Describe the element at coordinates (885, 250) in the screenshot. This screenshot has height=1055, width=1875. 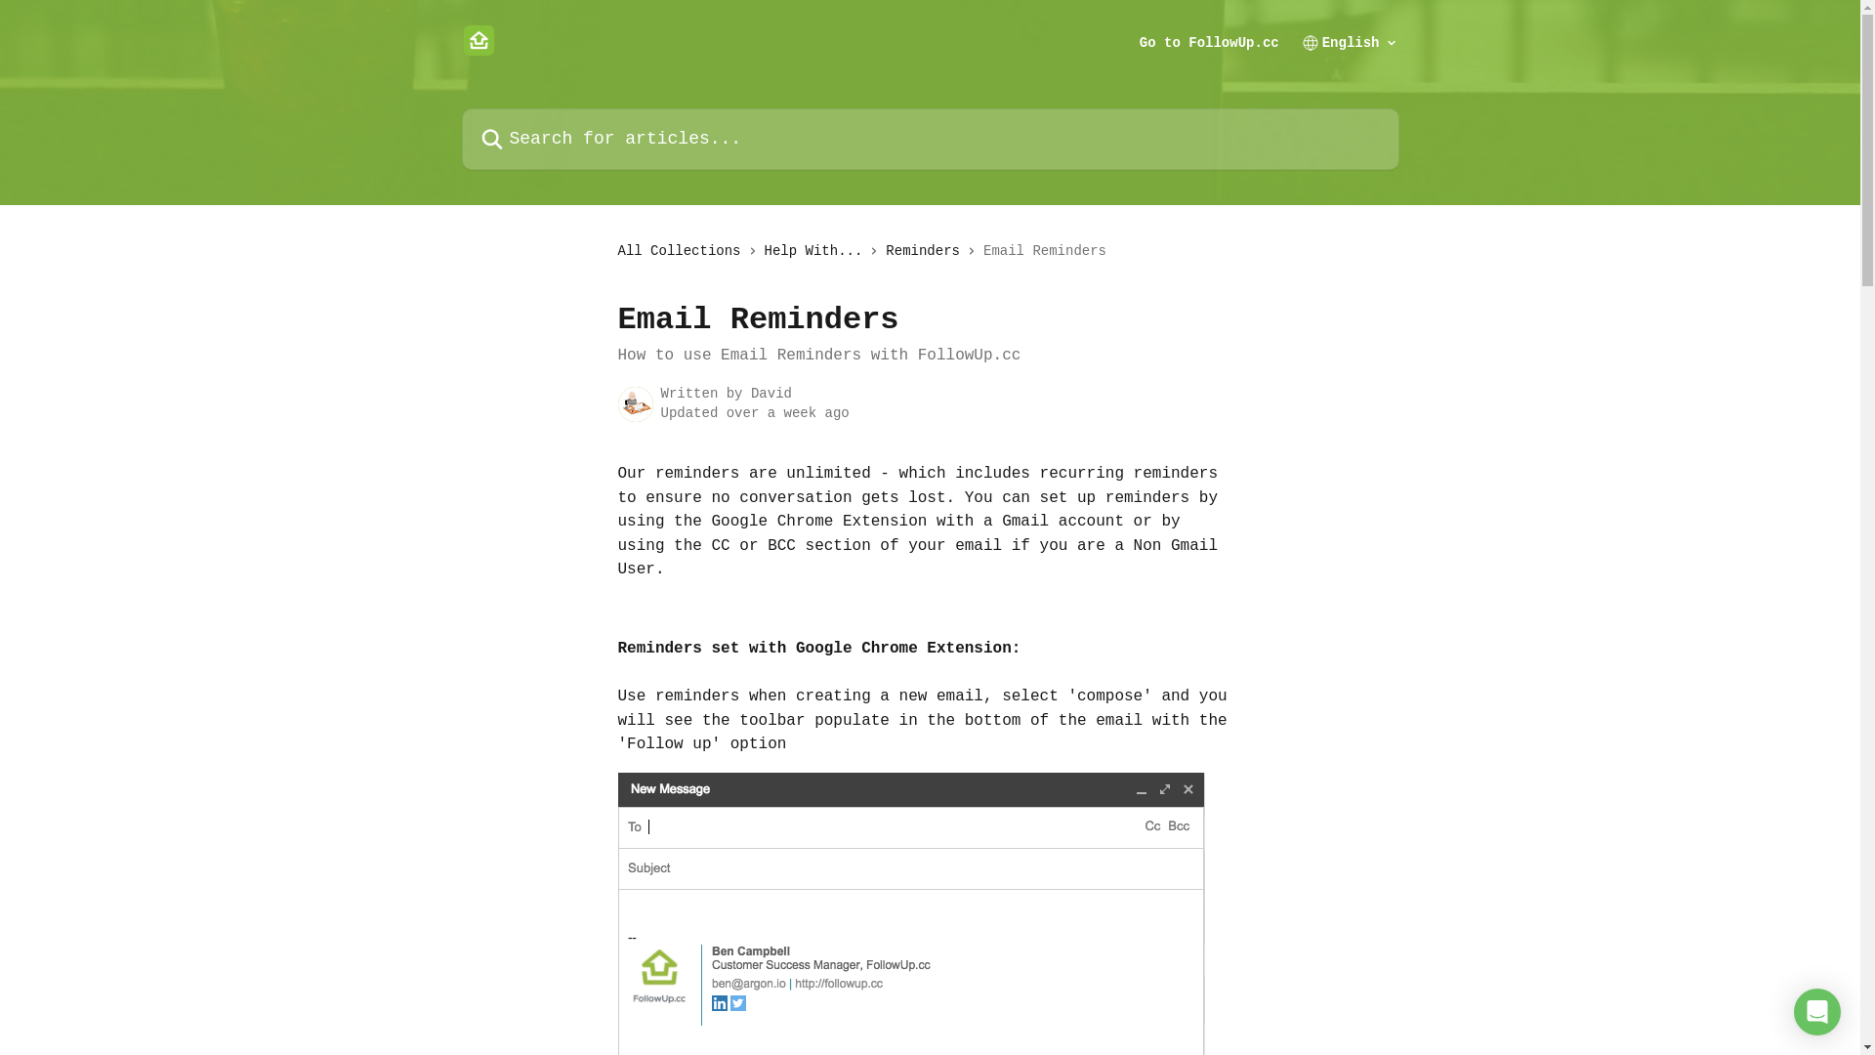
I see `'Reminders'` at that location.